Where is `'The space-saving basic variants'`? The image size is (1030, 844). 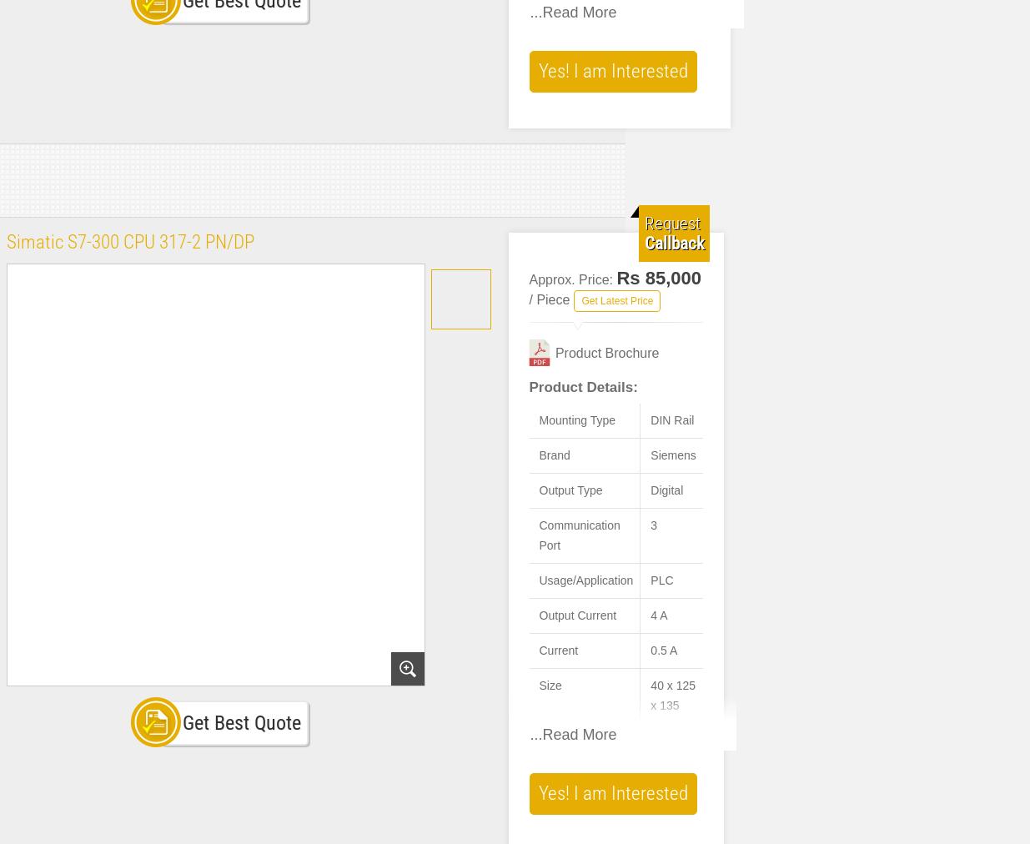
'The space-saving basic variants' is located at coordinates (631, 285).